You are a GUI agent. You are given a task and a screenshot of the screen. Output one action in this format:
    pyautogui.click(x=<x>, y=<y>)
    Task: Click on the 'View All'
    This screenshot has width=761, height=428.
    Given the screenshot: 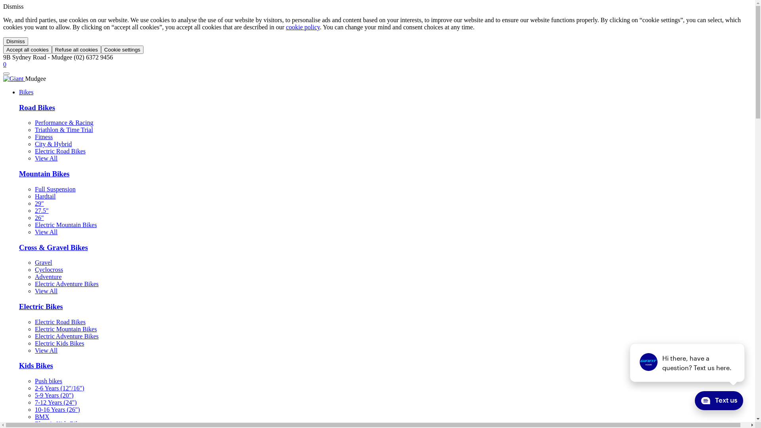 What is the action you would take?
    pyautogui.click(x=46, y=291)
    